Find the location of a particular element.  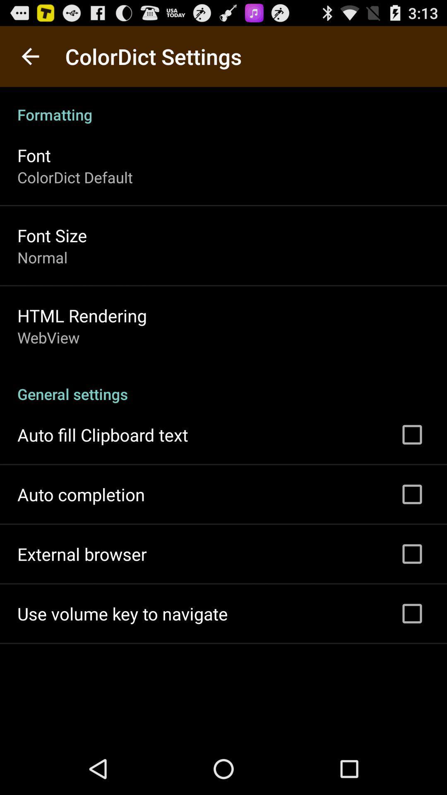

app above the html rendering icon is located at coordinates (42, 257).